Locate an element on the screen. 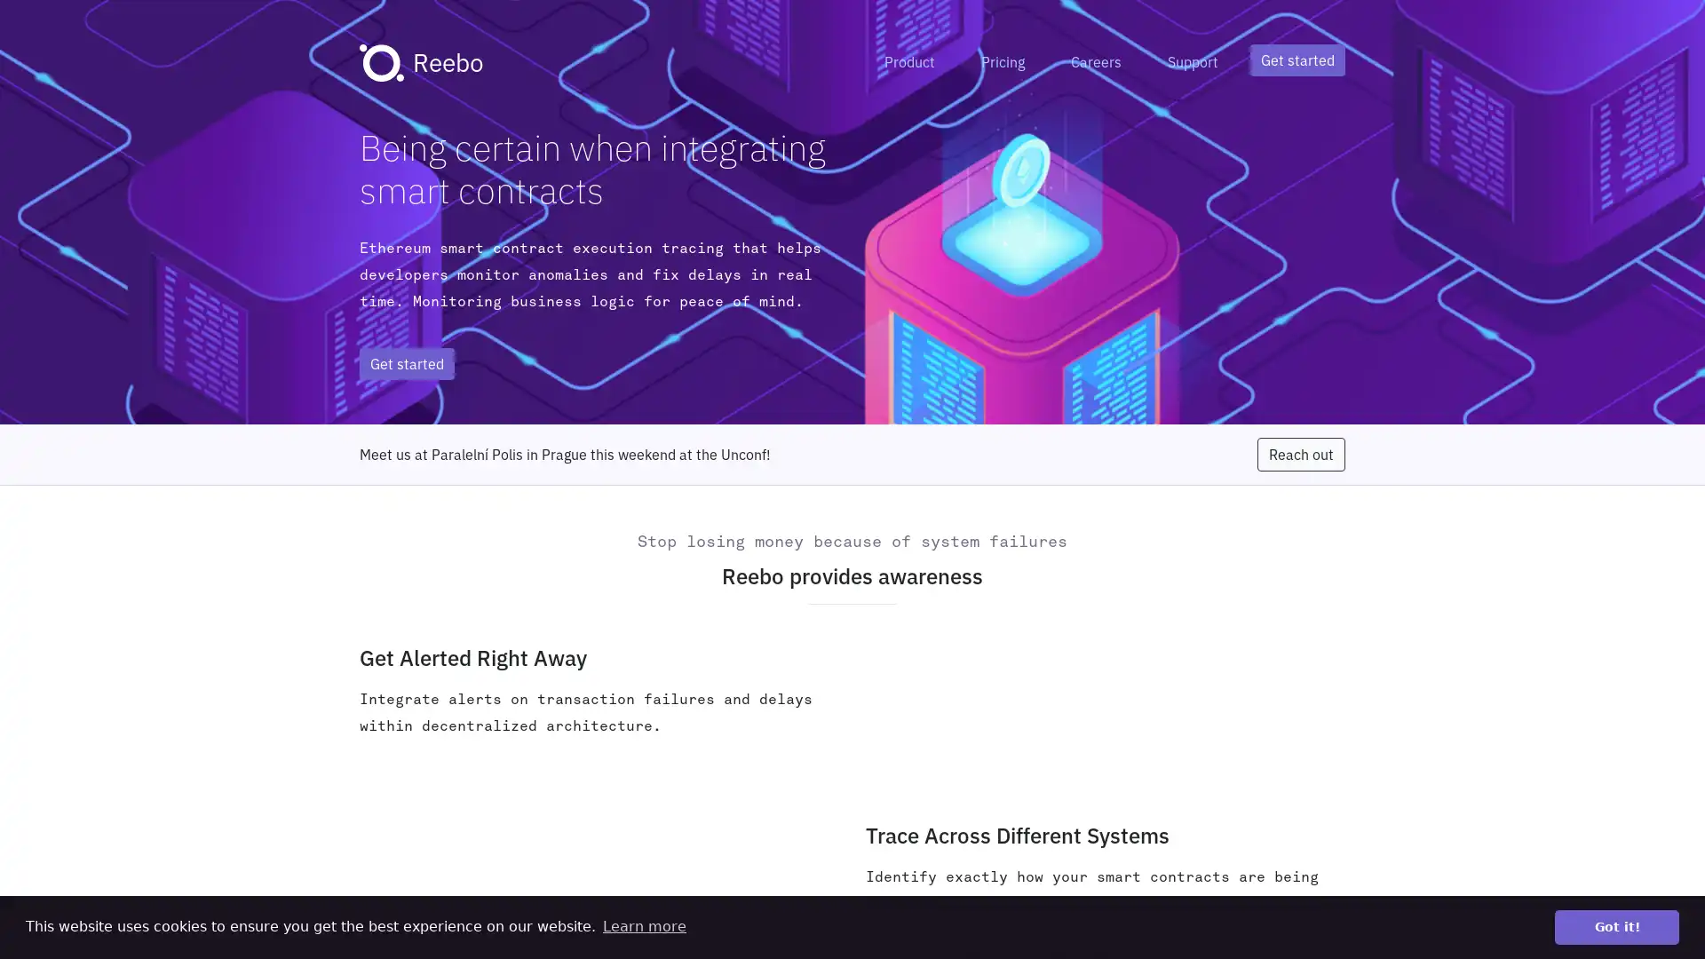  dismiss cookie message is located at coordinates (1616, 926).